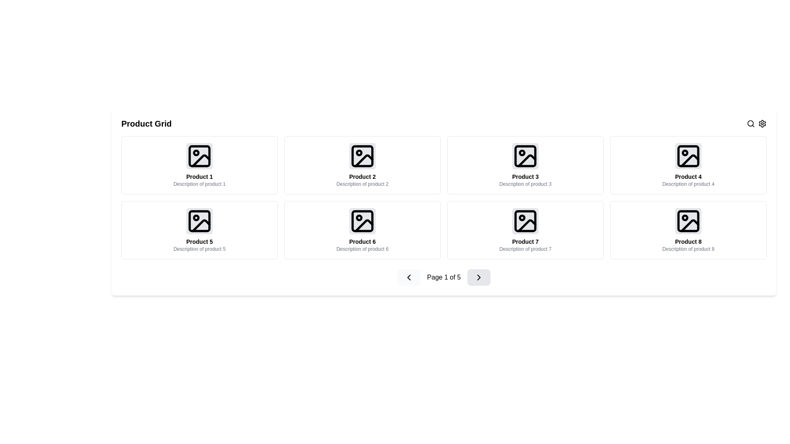  Describe the element at coordinates (362, 183) in the screenshot. I see `text label saying 'Description of product 2' located in the second product card in the first row, below the title 'Product 2'` at that location.